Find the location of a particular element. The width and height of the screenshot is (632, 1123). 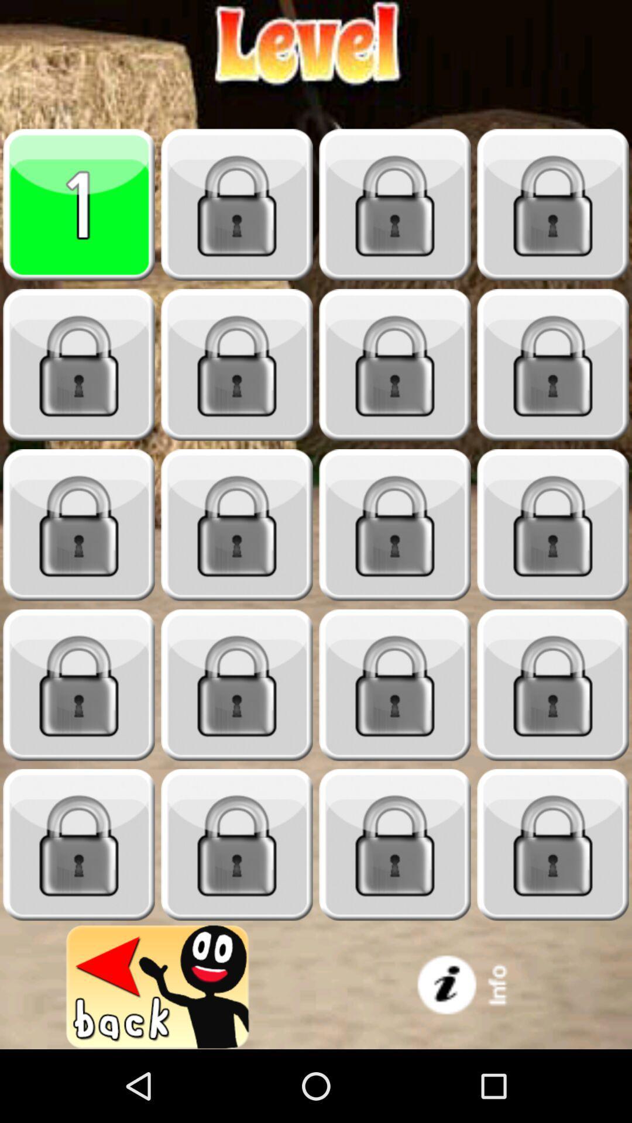

lock choose app is located at coordinates (237, 364).